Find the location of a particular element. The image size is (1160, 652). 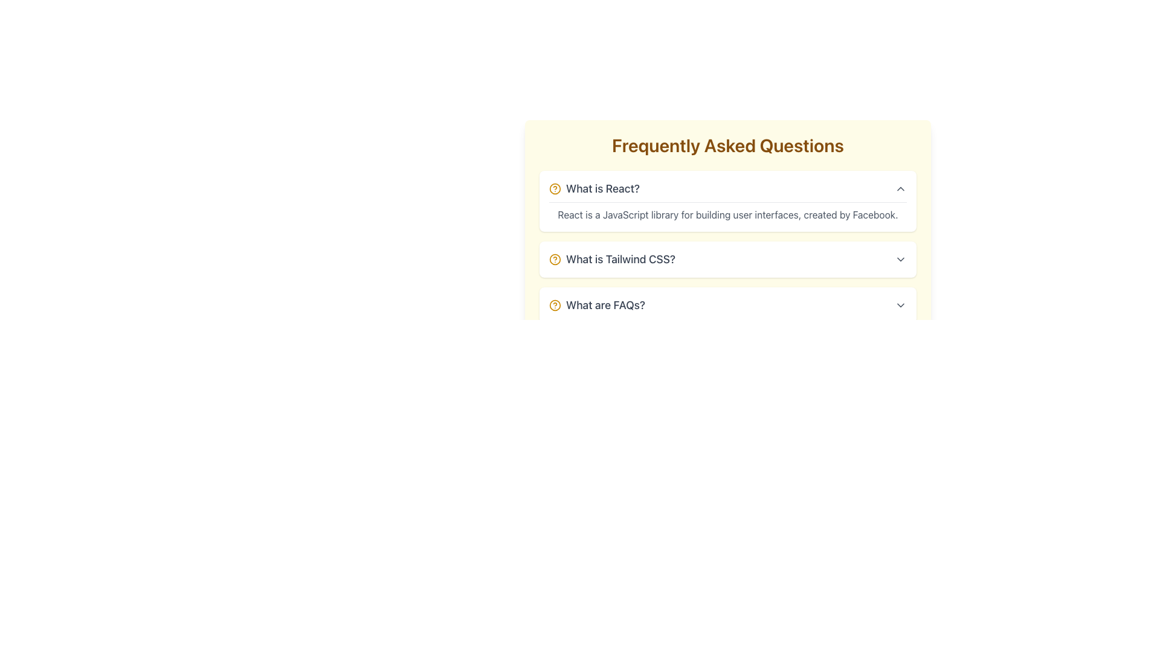

the Interactive FAQ item bar labeled 'What are FAQs?' is located at coordinates (727, 304).